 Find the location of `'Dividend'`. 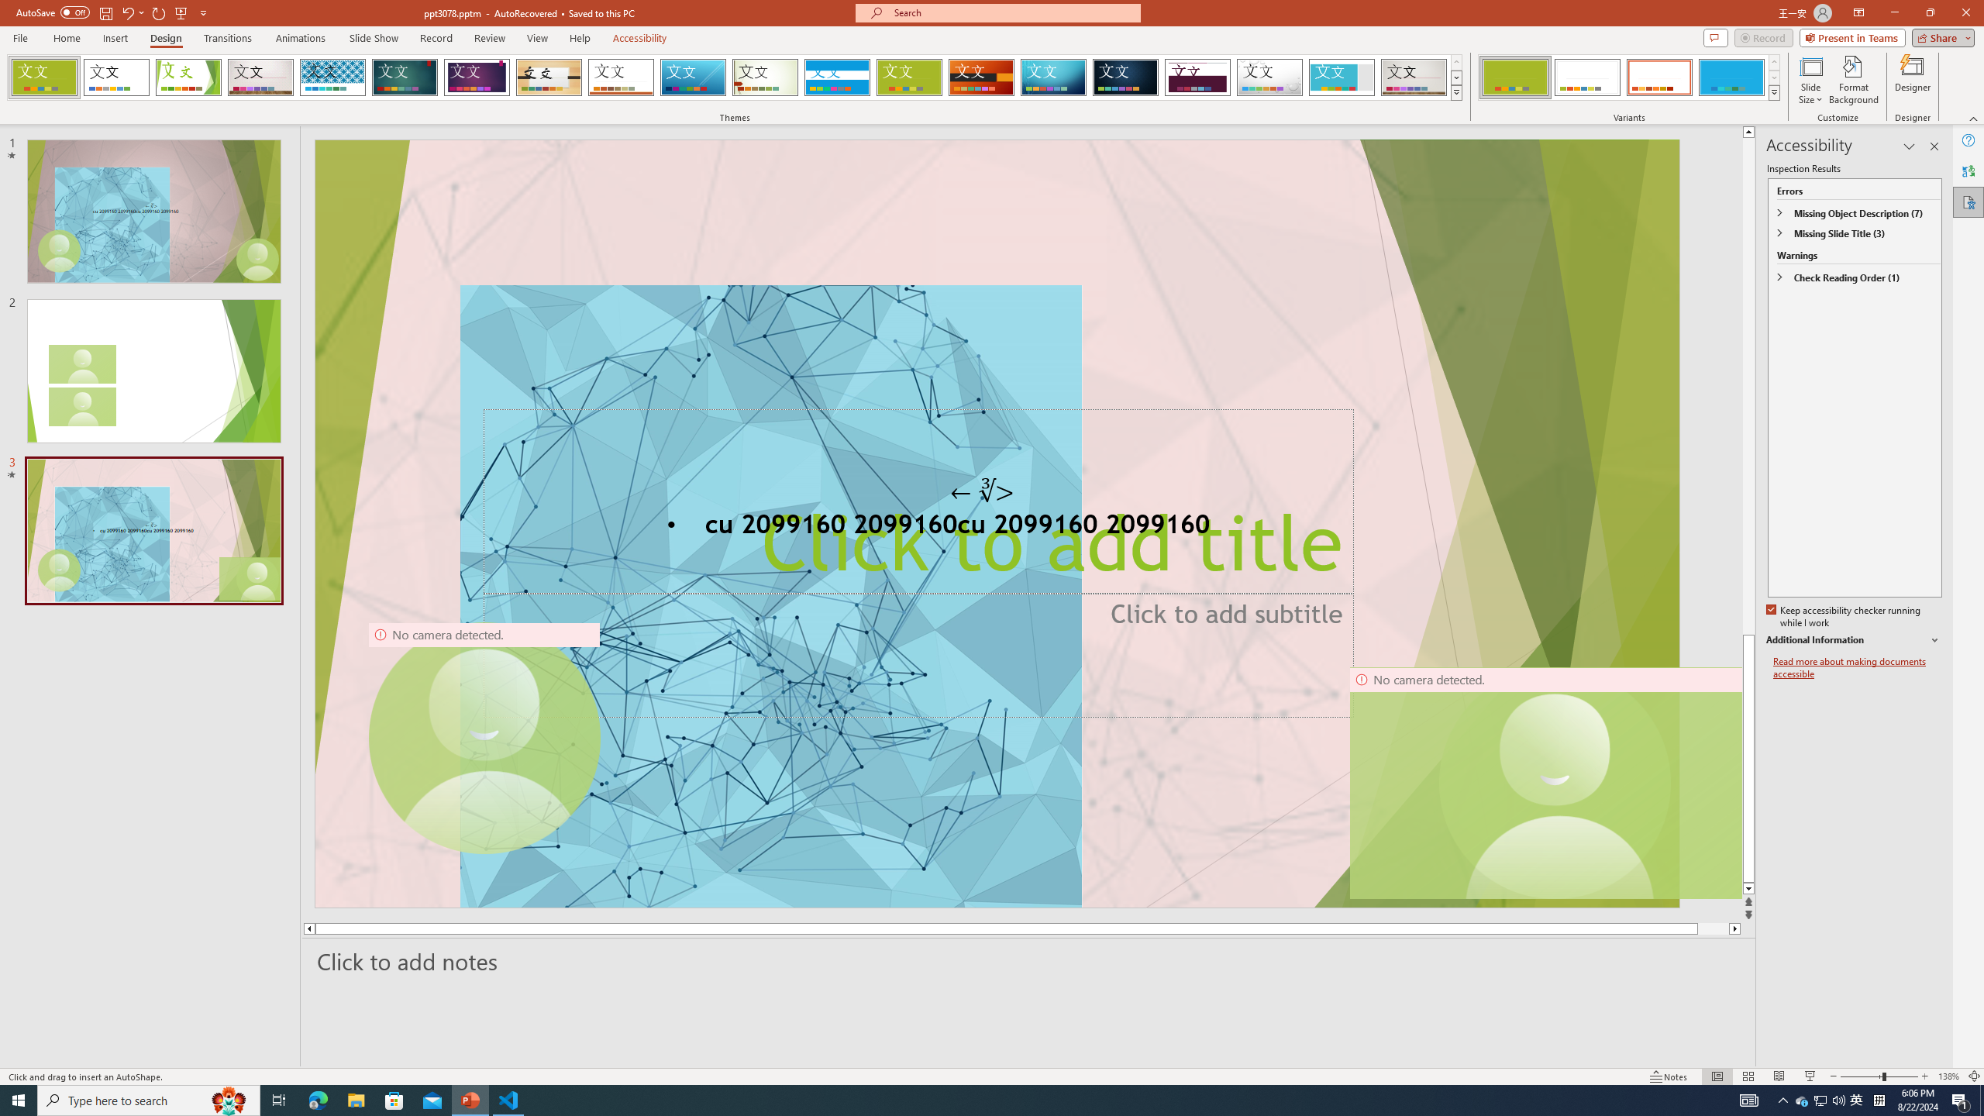

'Dividend' is located at coordinates (1197, 77).